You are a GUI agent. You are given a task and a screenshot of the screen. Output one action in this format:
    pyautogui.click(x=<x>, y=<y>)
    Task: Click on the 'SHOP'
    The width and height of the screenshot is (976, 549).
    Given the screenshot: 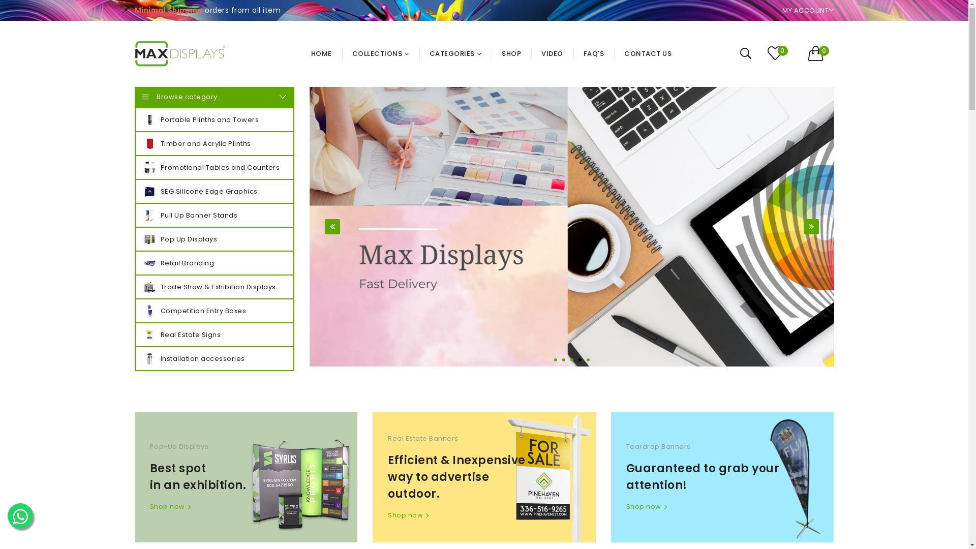 What is the action you would take?
    pyautogui.click(x=491, y=53)
    